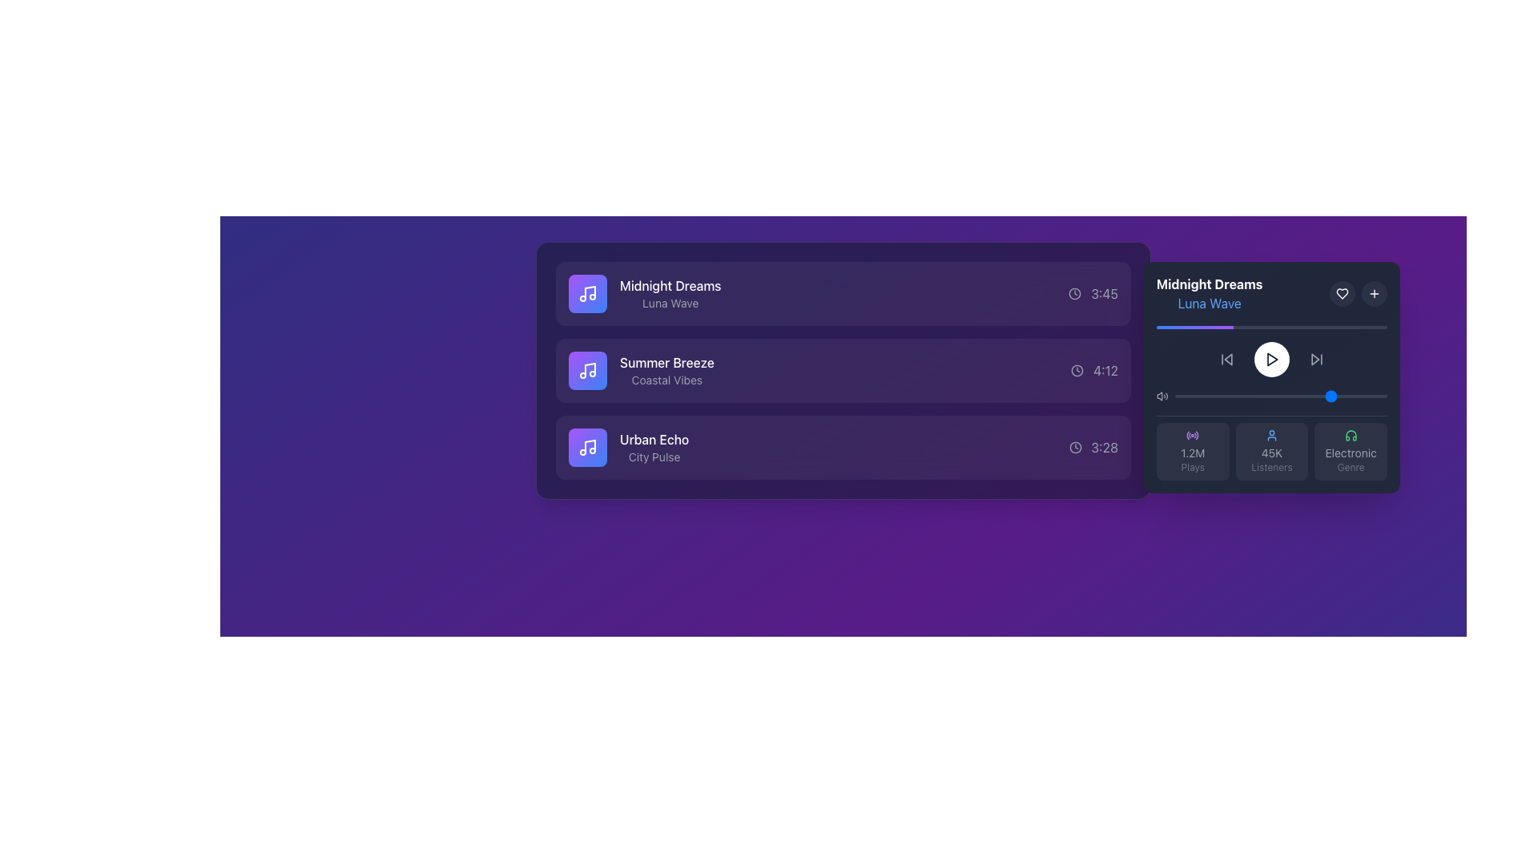  I want to click on the decorative button or item indicator with an icon located at the beginning of the list item for 'Midnight Dreams' and 'Luna Wave', so click(587, 293).